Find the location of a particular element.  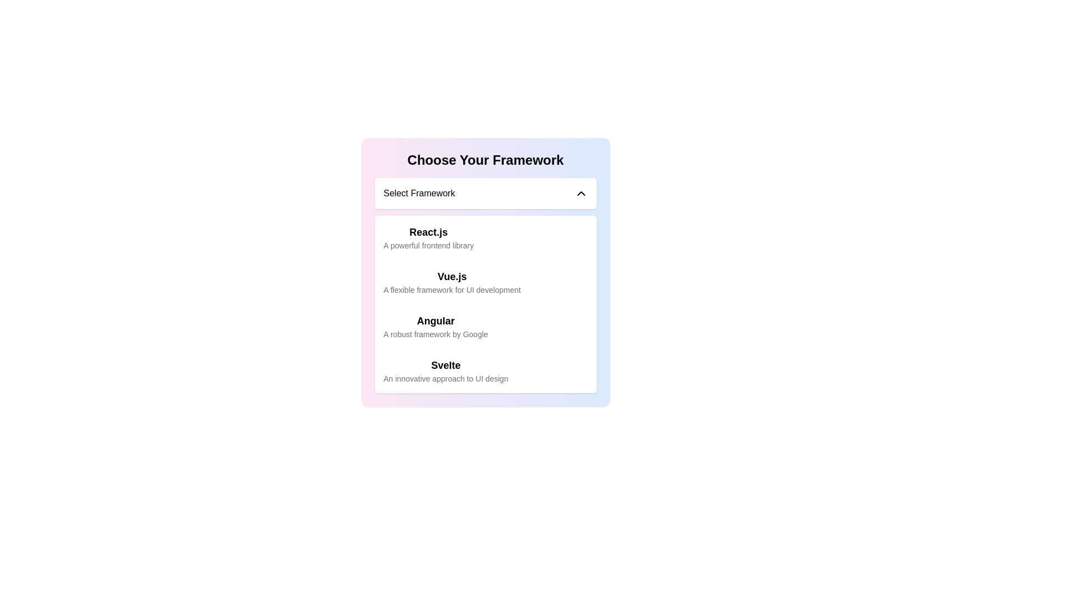

the topmost list item displaying the name and description of a framework option under the heading 'Choose Your Framework' is located at coordinates (428, 237).